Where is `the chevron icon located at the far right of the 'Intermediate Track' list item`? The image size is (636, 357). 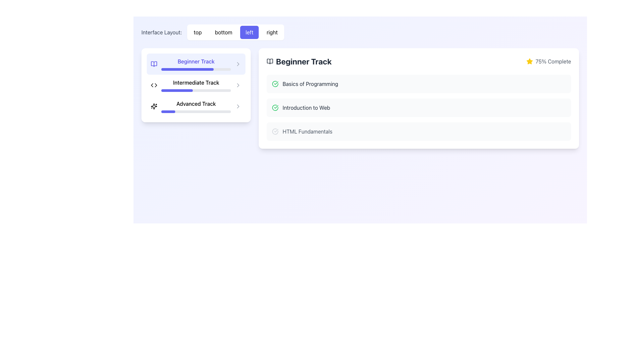 the chevron icon located at the far right of the 'Intermediate Track' list item is located at coordinates (238, 85).